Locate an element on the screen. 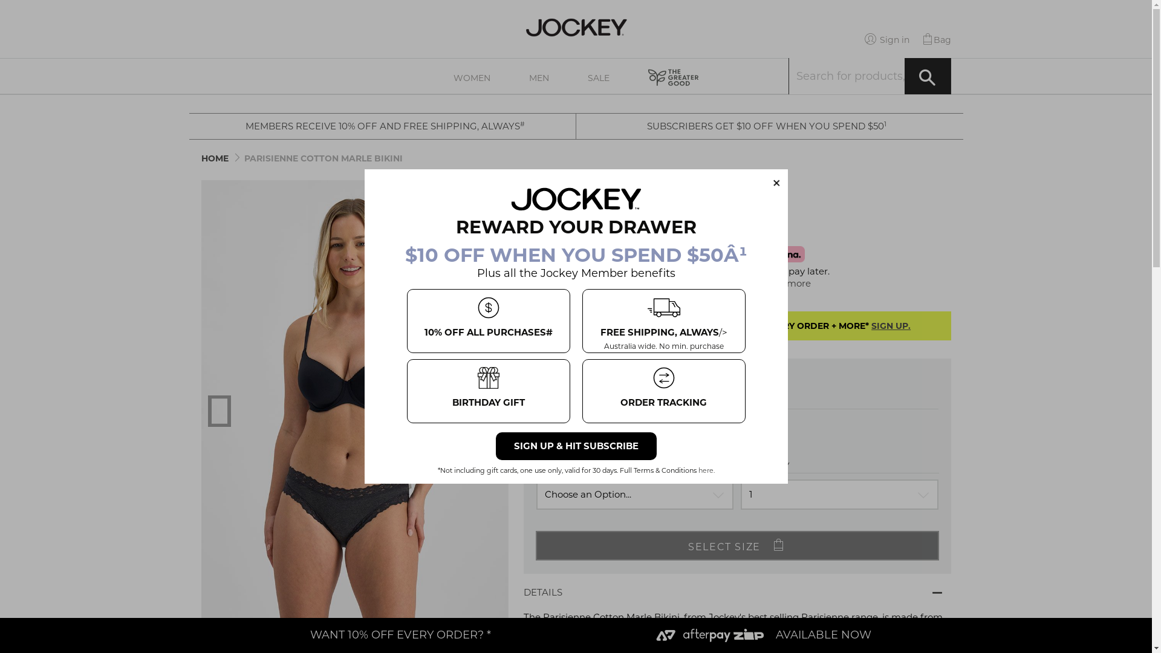  'WOMEN' is located at coordinates (471, 76).